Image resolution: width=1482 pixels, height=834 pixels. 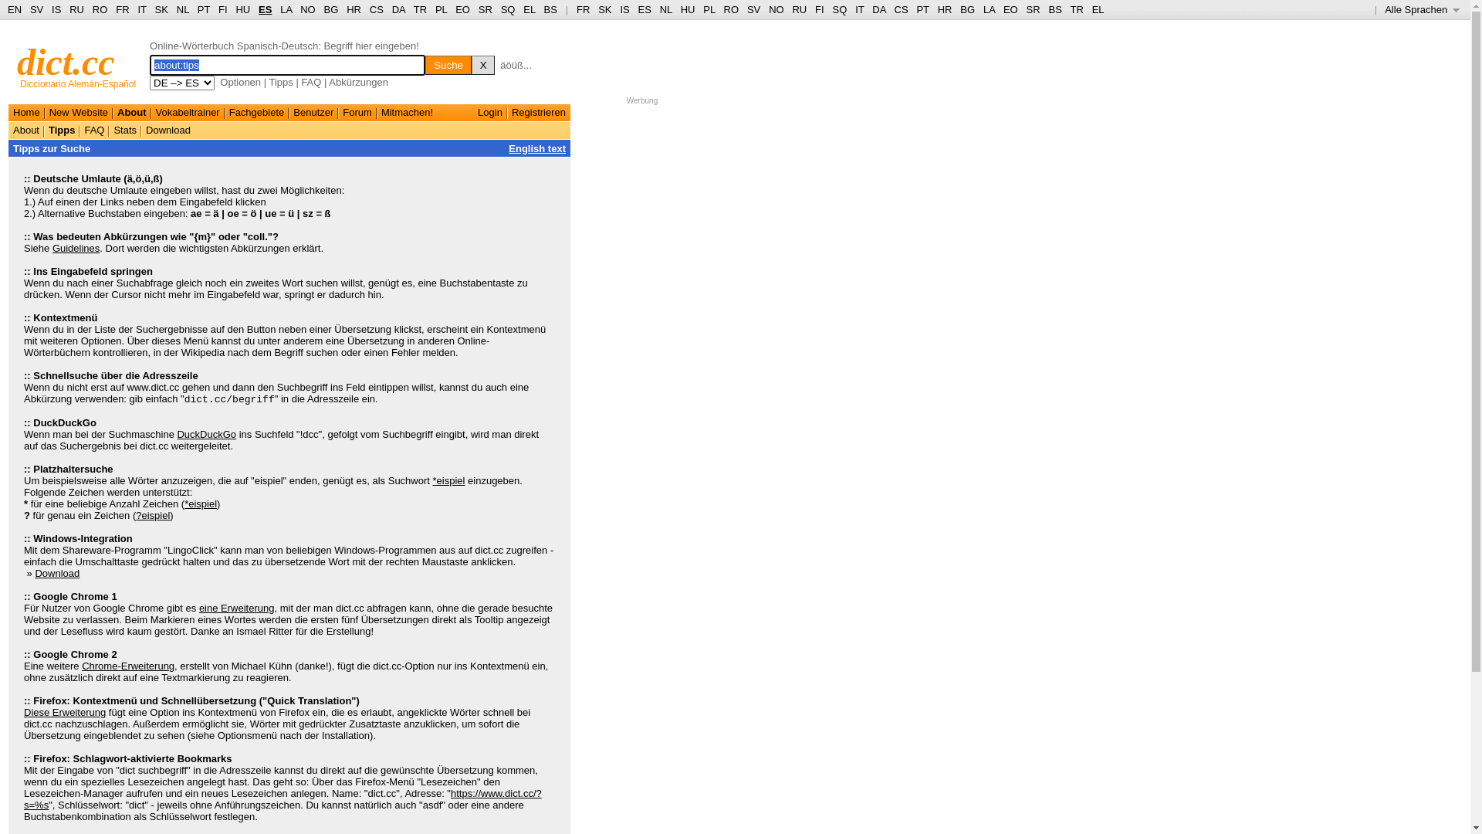 What do you see at coordinates (23, 712) in the screenshot?
I see `'Diese Erweiterung'` at bounding box center [23, 712].